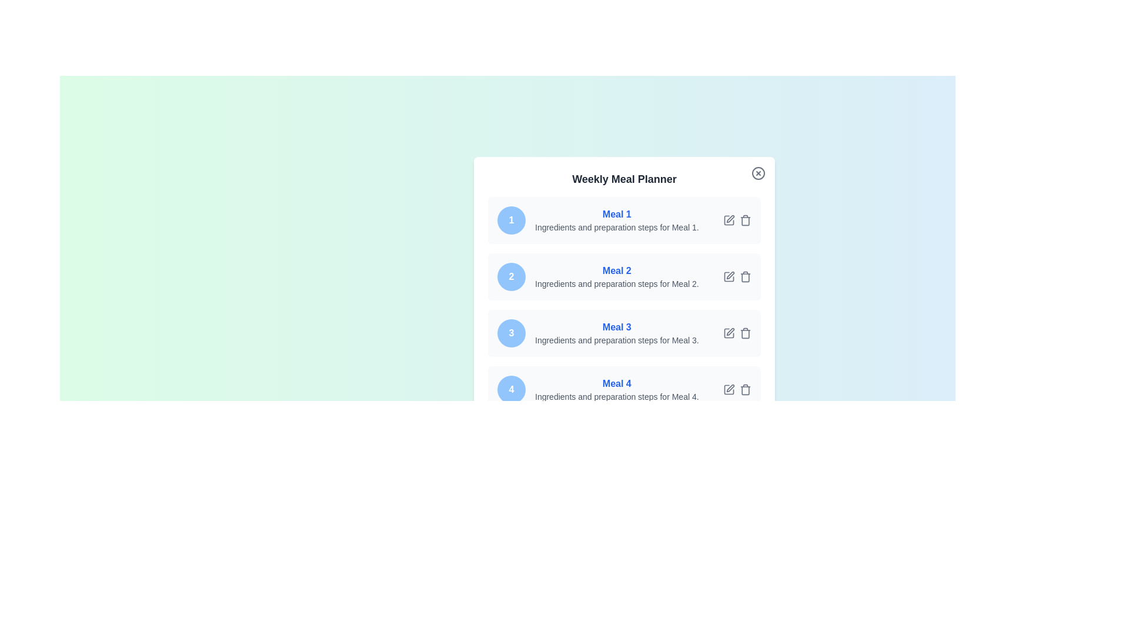  What do you see at coordinates (511, 276) in the screenshot?
I see `the day indicator for meal 2` at bounding box center [511, 276].